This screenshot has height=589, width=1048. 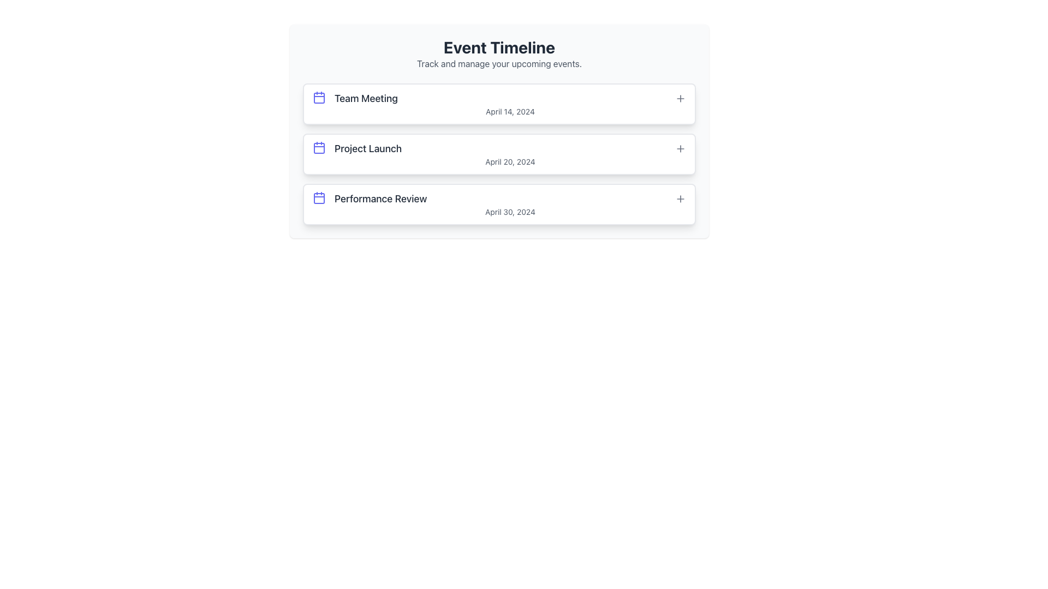 What do you see at coordinates (510, 154) in the screenshot?
I see `text content of the Text Display Element that contains the heading 'Project Launch' and the date 'April 20, 2024'` at bounding box center [510, 154].